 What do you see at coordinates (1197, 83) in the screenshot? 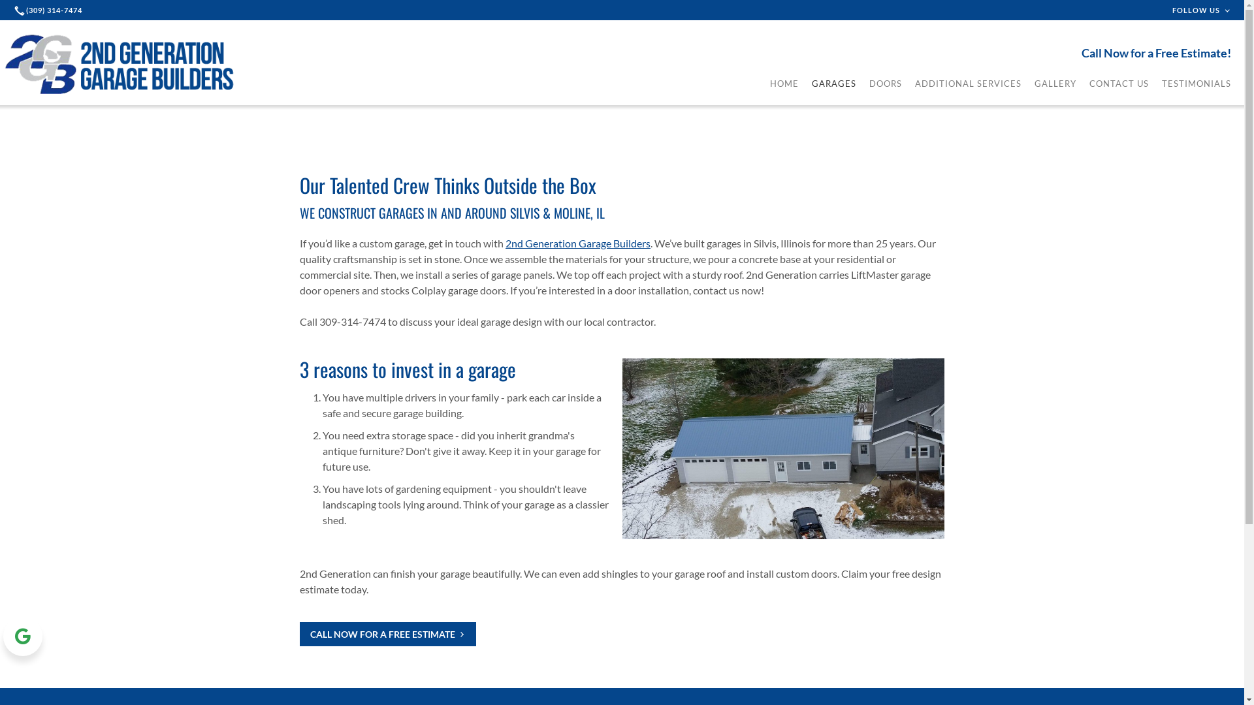
I see `'TESTIMONIALS'` at bounding box center [1197, 83].